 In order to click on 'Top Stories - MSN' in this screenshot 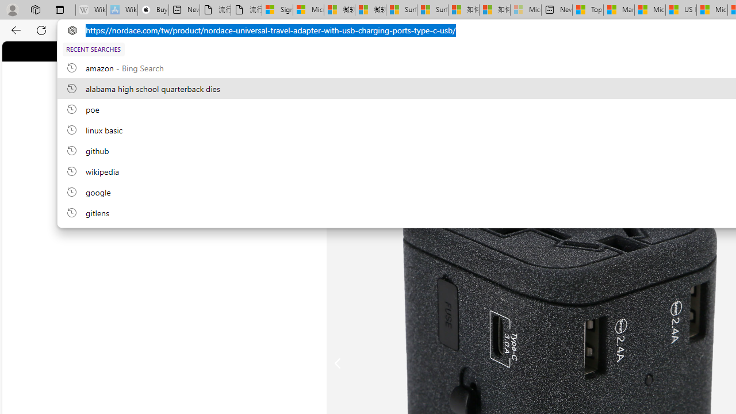, I will do `click(588, 10)`.